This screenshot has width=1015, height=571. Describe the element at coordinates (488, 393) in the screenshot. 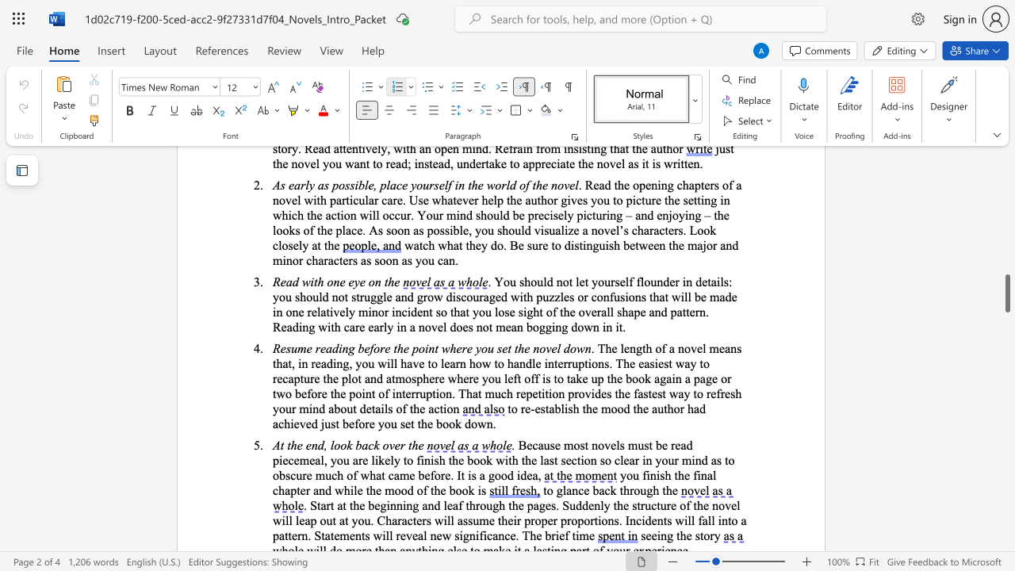

I see `the 3th character "m" in the text` at that location.